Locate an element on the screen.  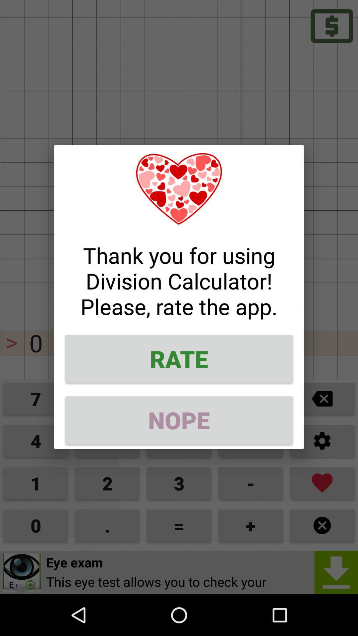
nope is located at coordinates (179, 419).